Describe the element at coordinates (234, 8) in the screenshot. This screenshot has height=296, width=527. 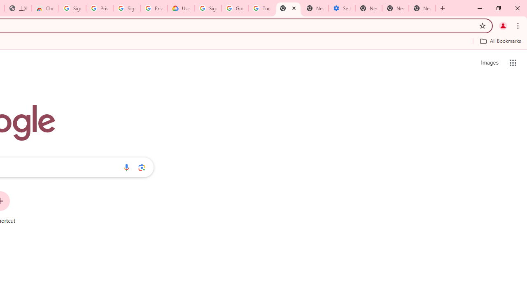
I see `'Google Account Help'` at that location.